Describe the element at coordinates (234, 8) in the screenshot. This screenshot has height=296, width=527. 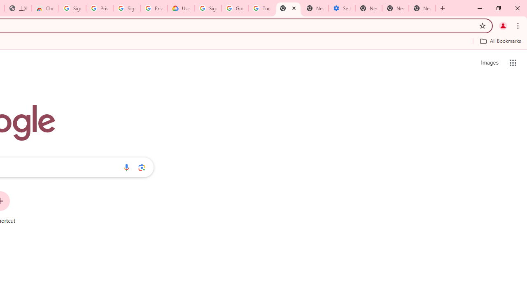
I see `'Google Account Help'` at that location.